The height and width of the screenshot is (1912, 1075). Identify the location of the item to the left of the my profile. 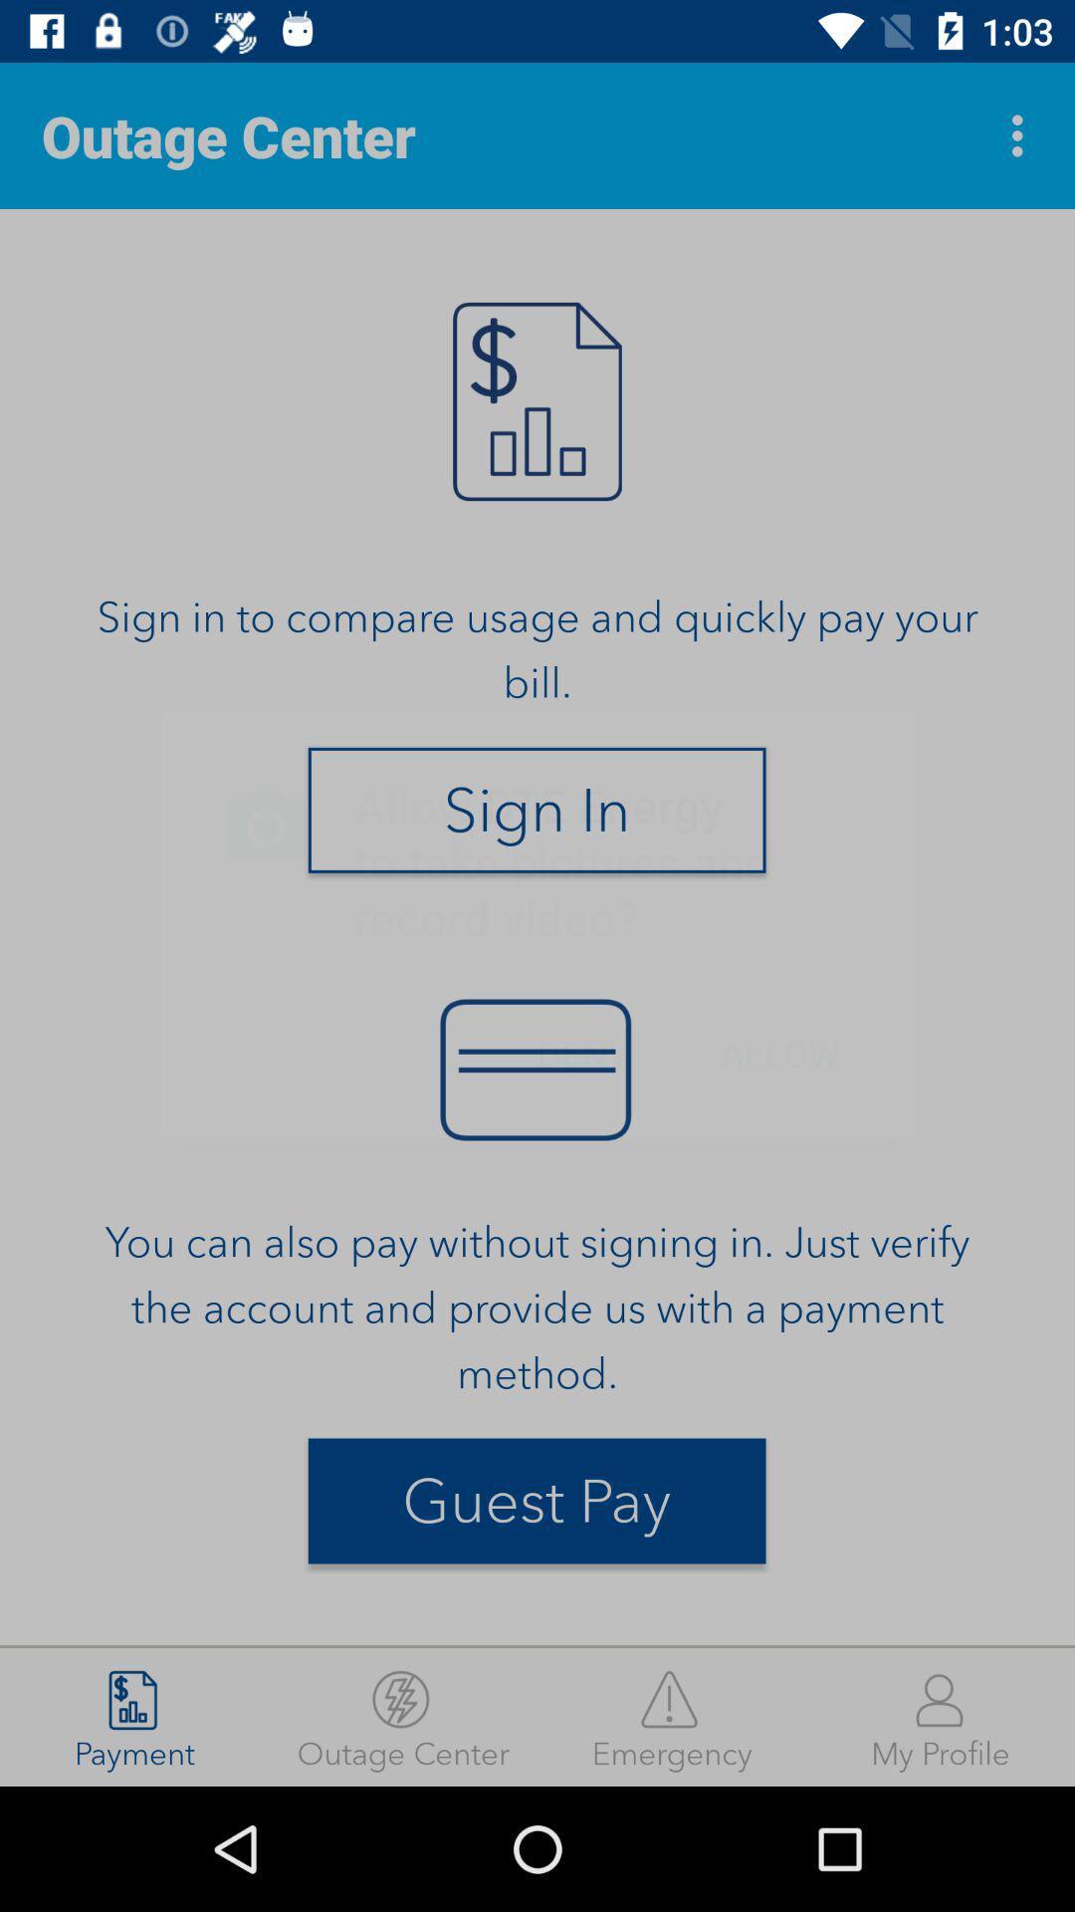
(672, 1716).